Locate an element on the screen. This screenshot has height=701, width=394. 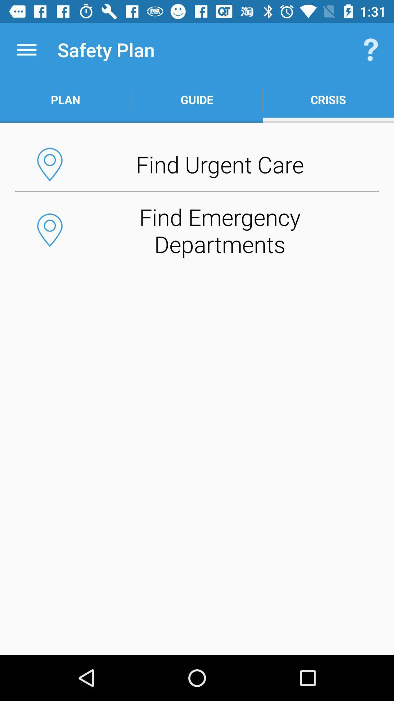
the button above find urgent care button is located at coordinates (328, 99).